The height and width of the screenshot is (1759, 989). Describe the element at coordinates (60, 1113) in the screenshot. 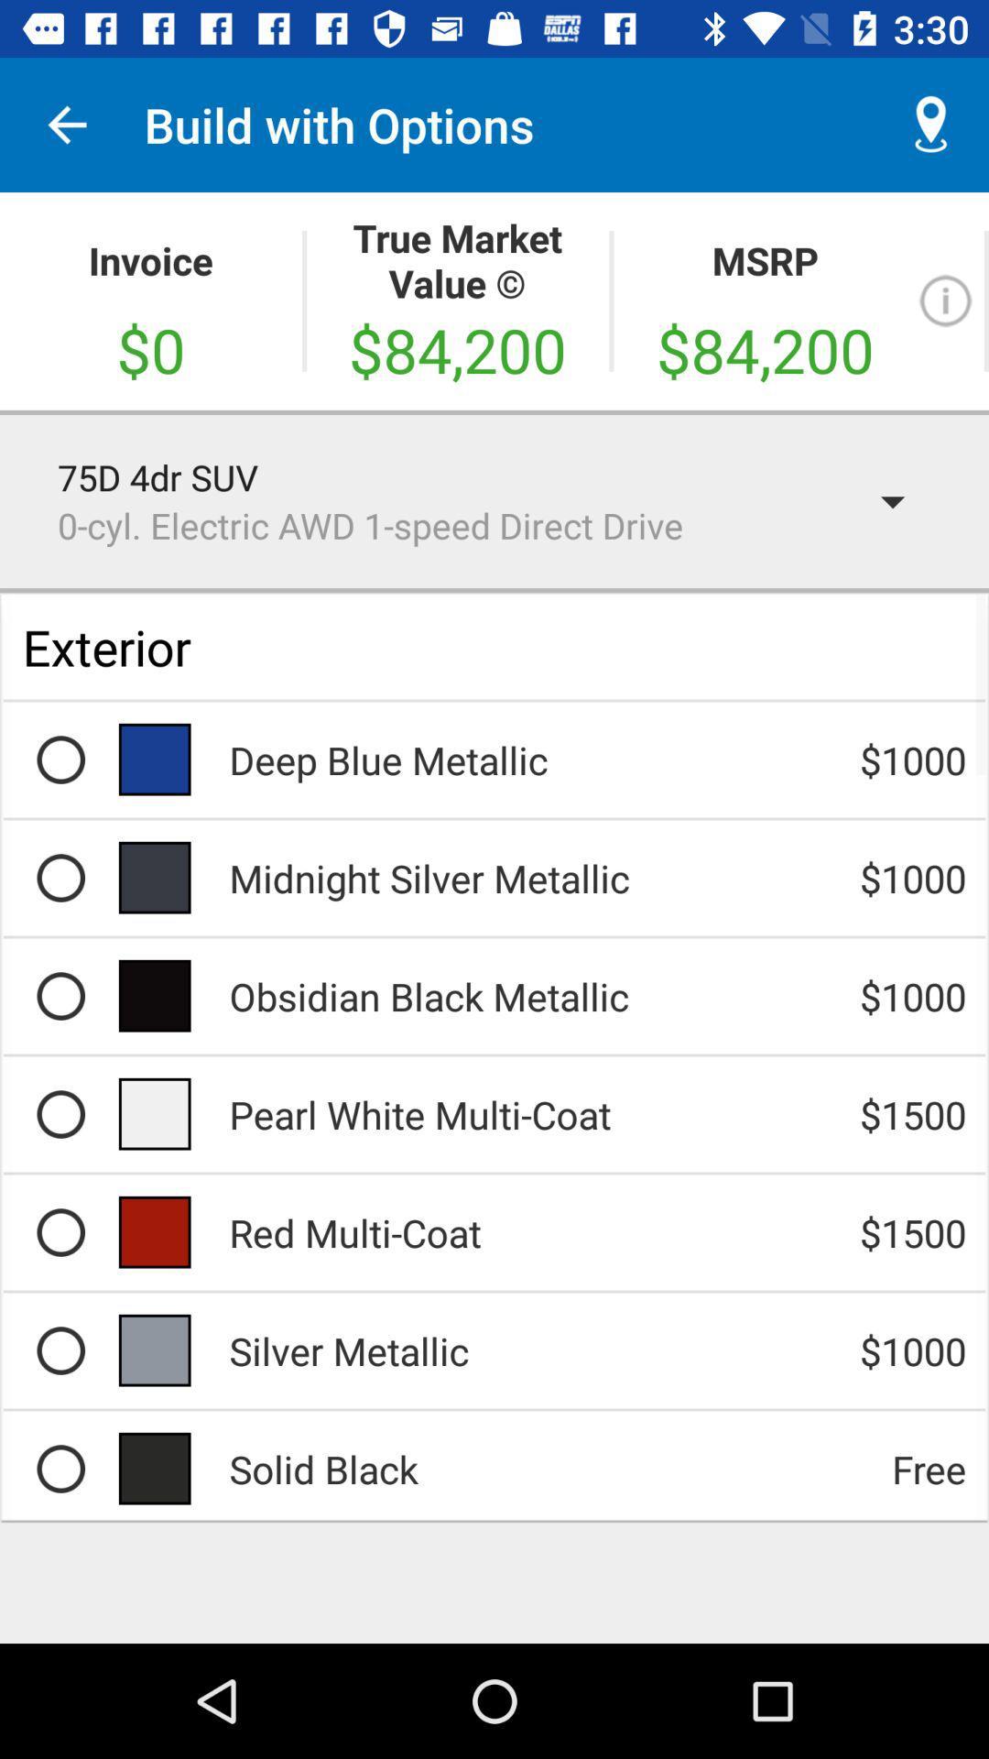

I see `option` at that location.